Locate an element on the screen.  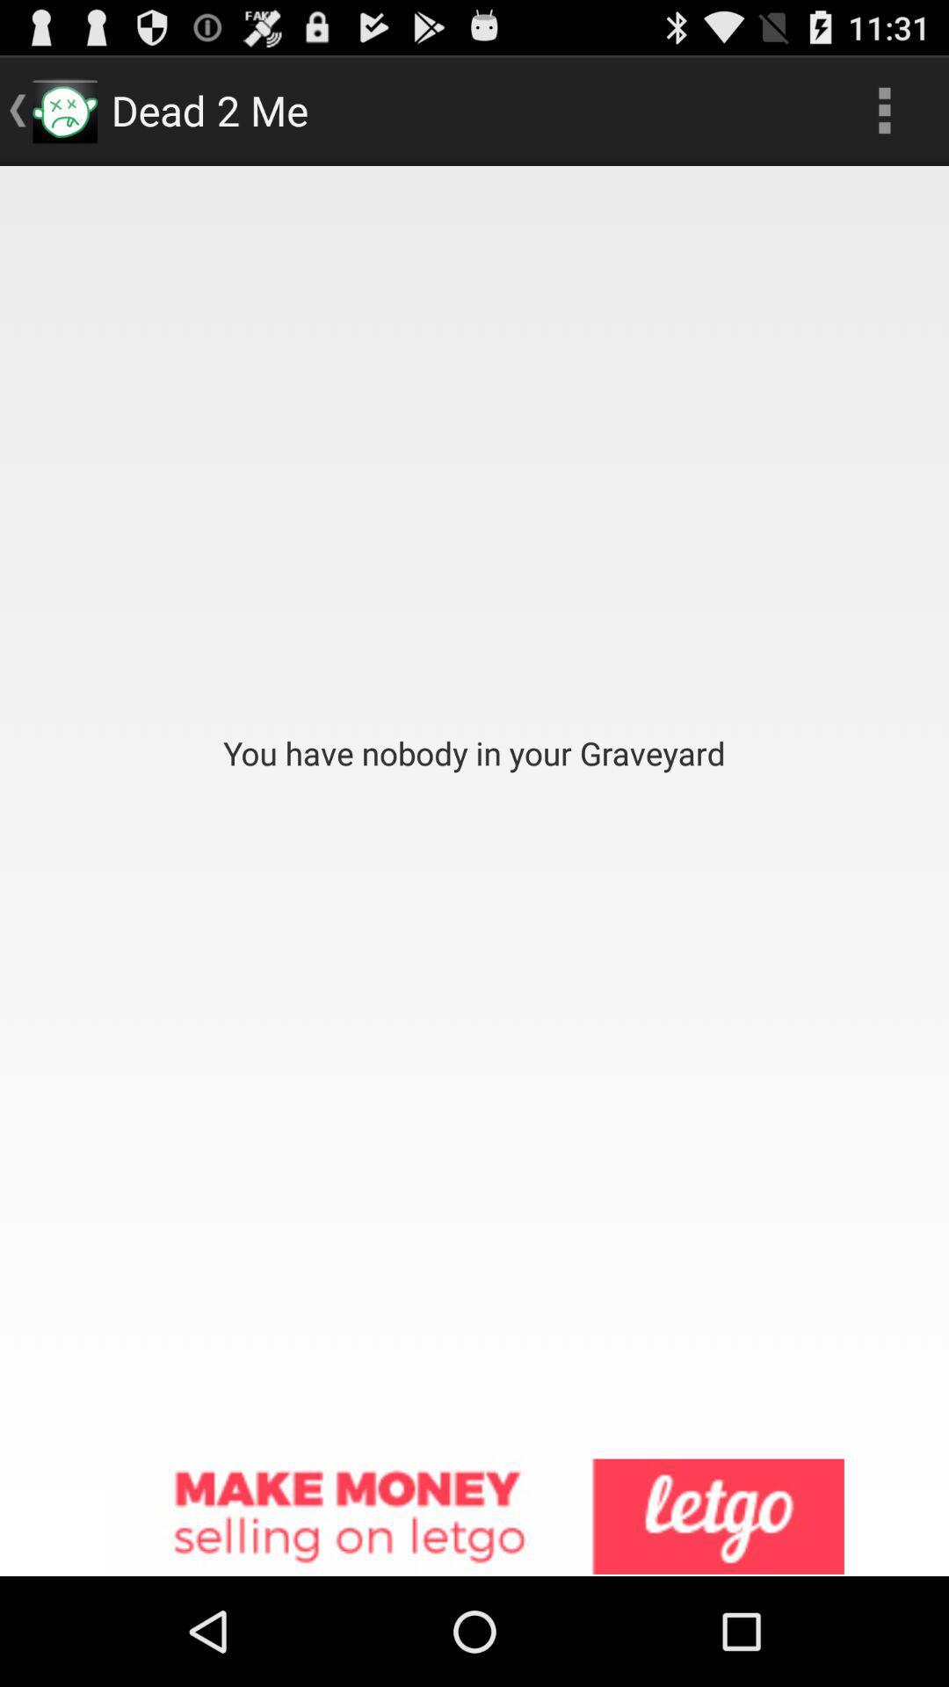
advertisement to open letgo app is located at coordinates (474, 1517).